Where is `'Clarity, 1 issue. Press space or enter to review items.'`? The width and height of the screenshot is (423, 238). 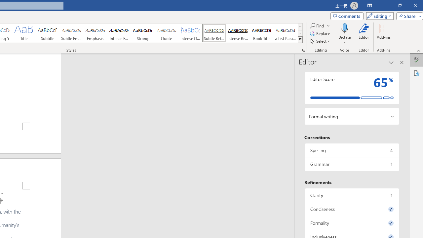 'Clarity, 1 issue. Press space or enter to review items.' is located at coordinates (351, 195).